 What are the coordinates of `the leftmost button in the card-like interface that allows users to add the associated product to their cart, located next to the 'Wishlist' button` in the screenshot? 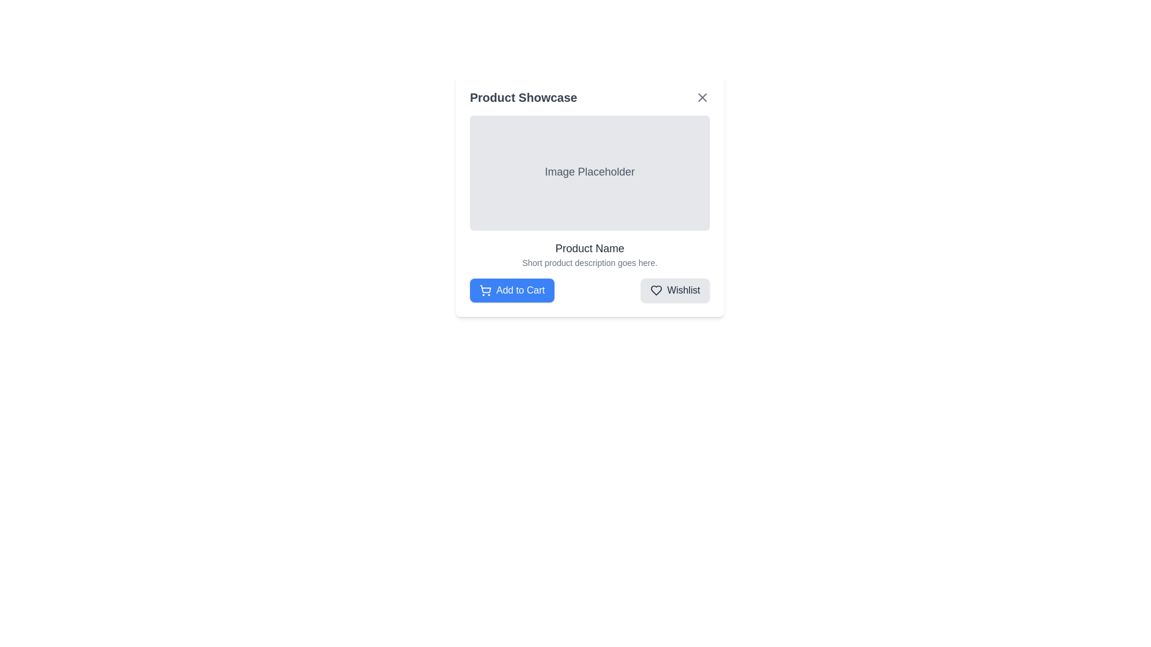 It's located at (512, 291).